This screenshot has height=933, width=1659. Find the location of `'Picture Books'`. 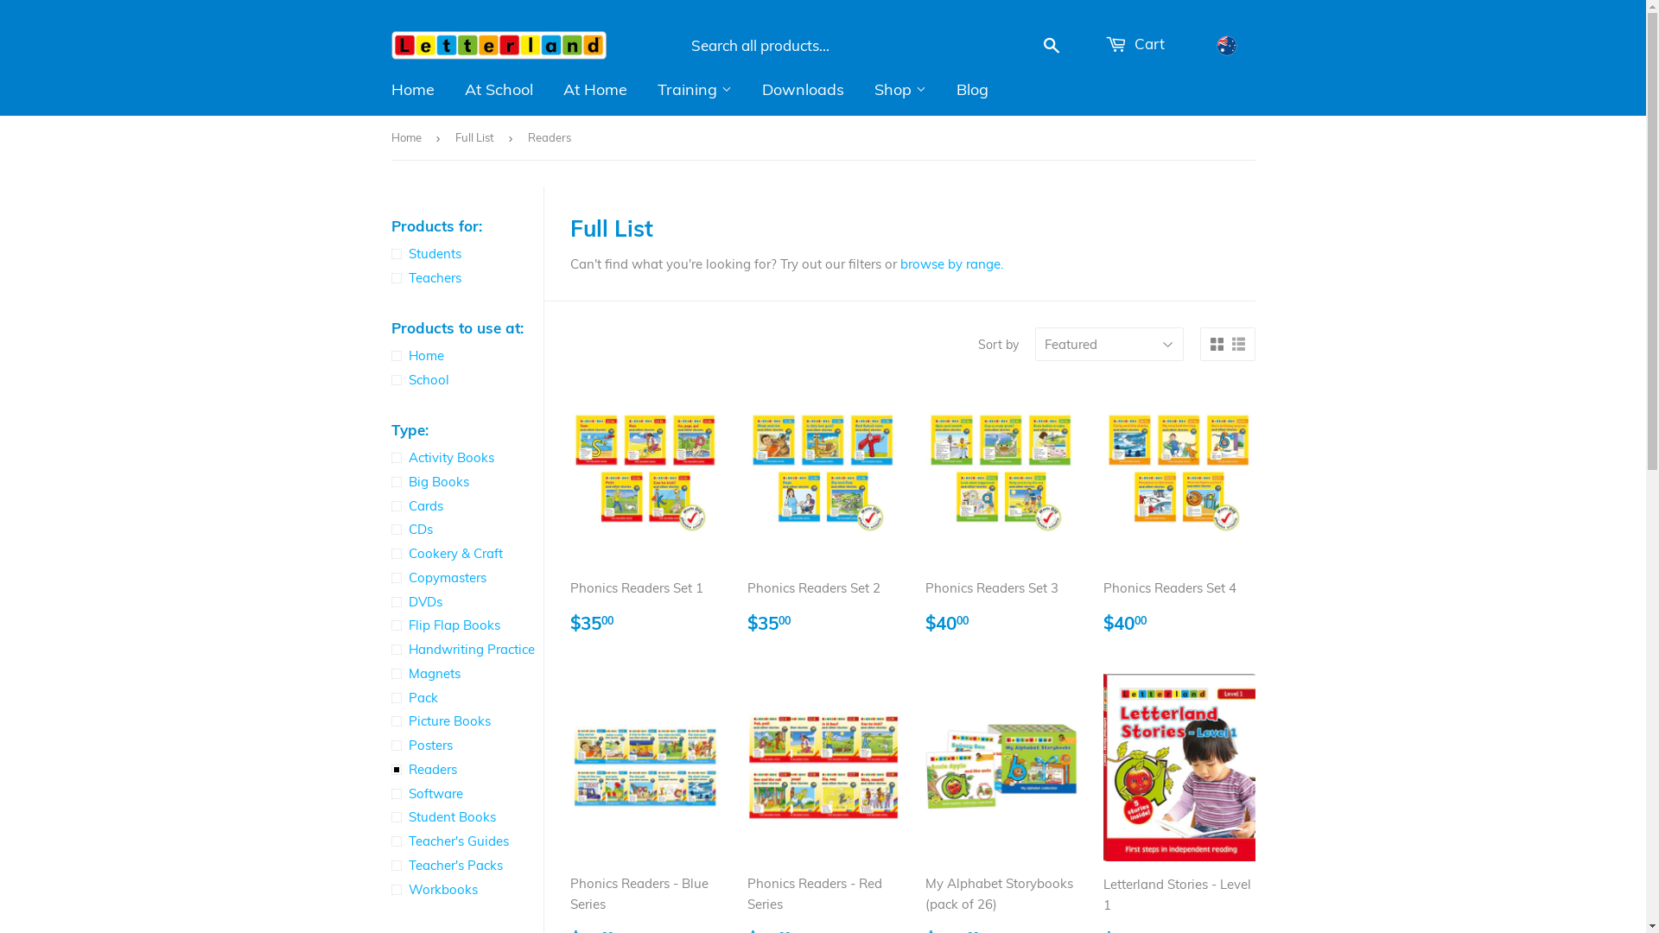

'Picture Books' is located at coordinates (466, 720).